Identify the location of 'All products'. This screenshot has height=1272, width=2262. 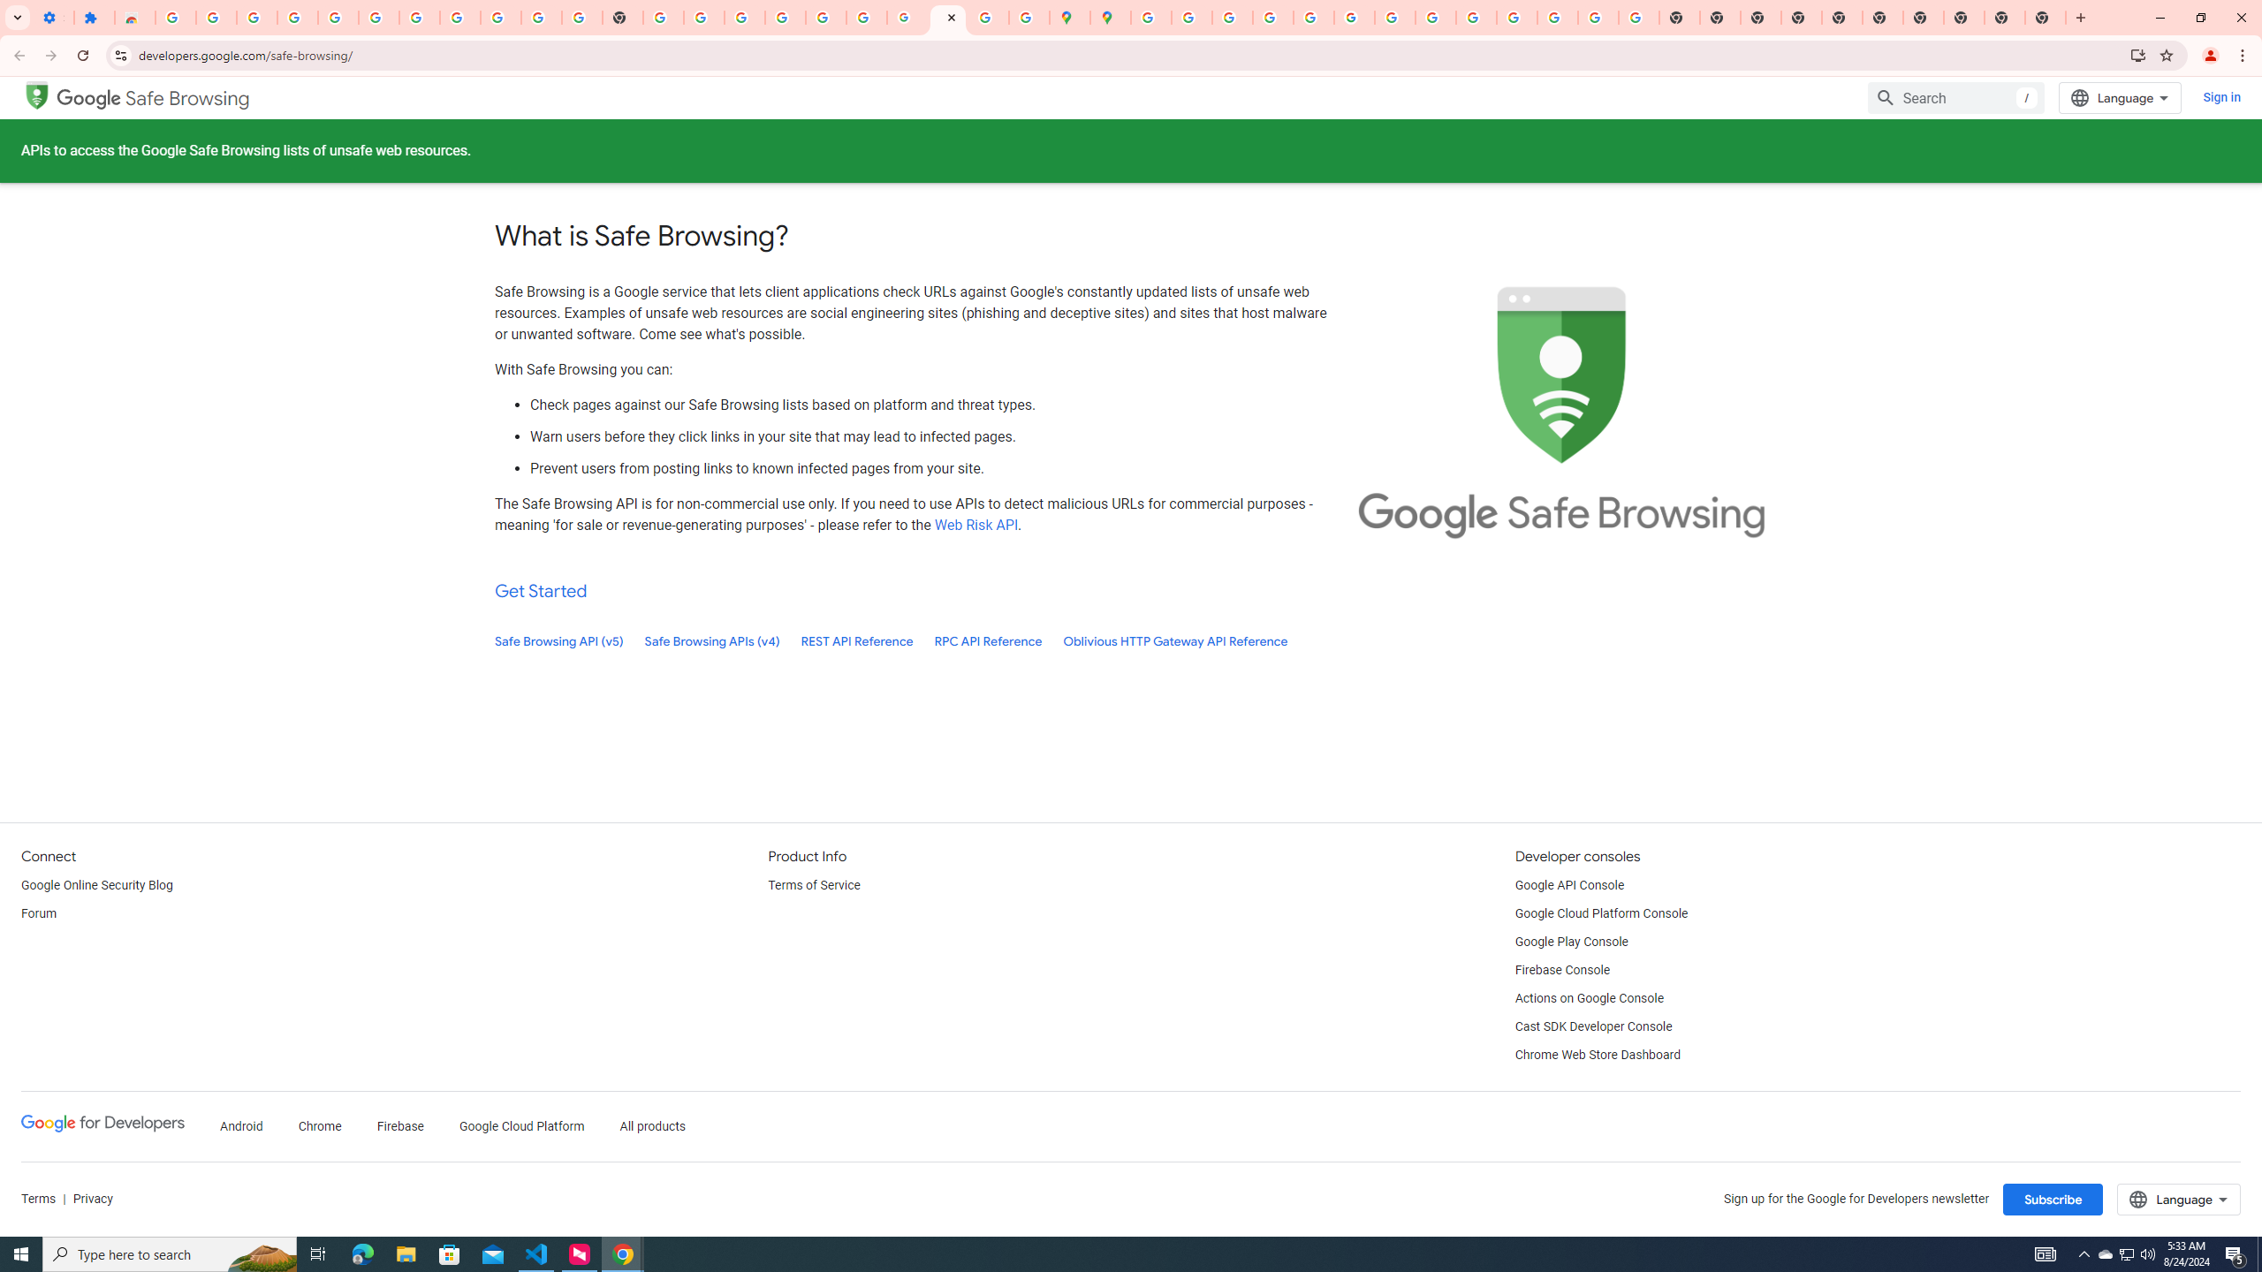
(652, 1126).